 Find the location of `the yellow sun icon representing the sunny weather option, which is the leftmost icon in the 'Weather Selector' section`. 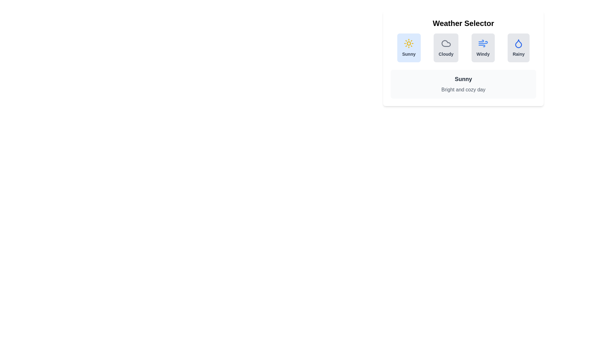

the yellow sun icon representing the sunny weather option, which is the leftmost icon in the 'Weather Selector' section is located at coordinates (409, 43).